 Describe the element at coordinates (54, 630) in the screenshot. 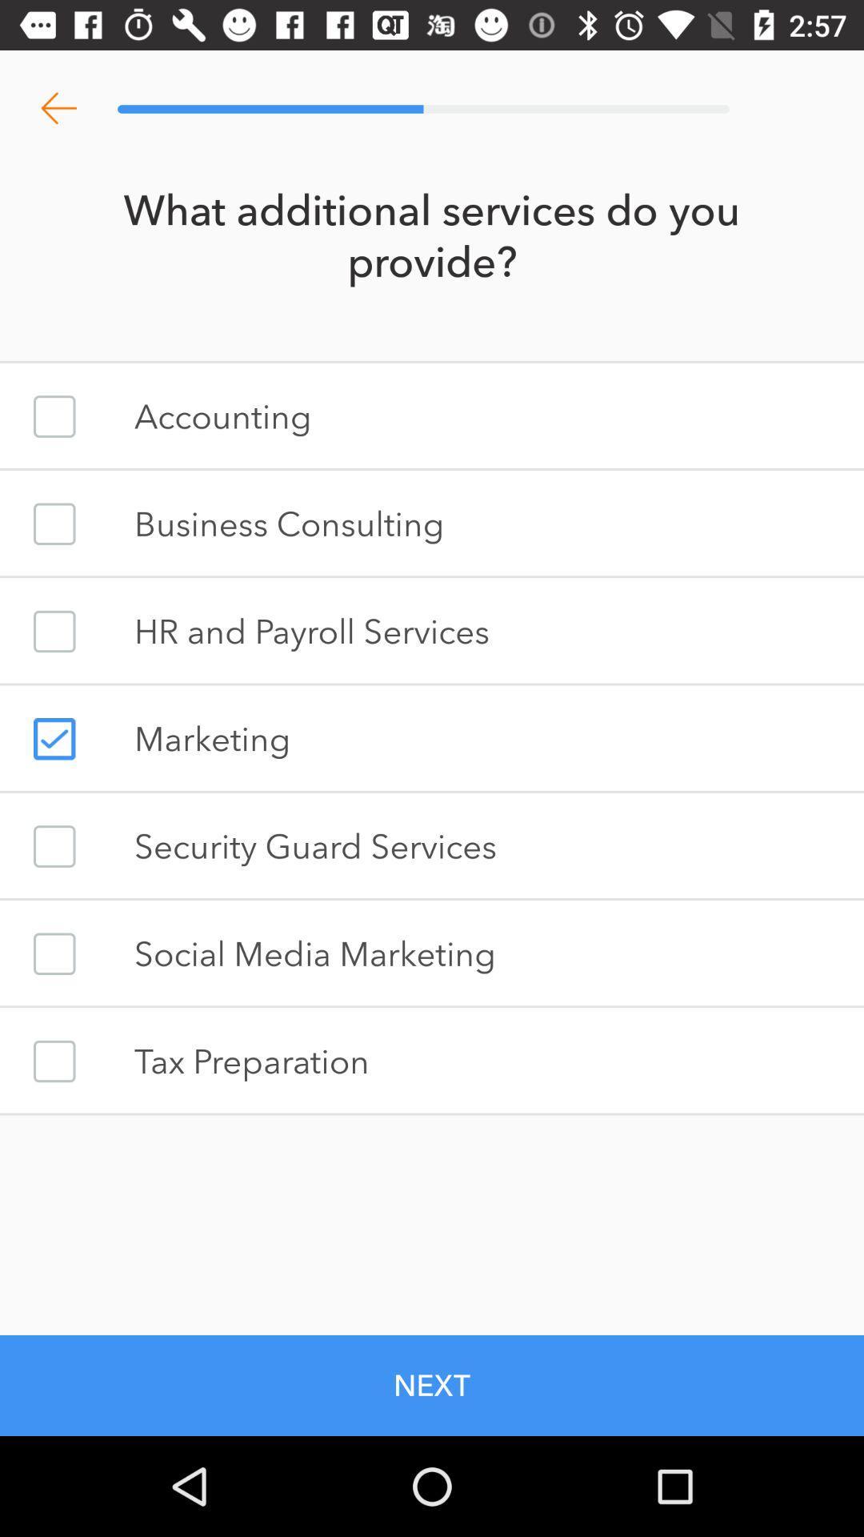

I see `option` at that location.